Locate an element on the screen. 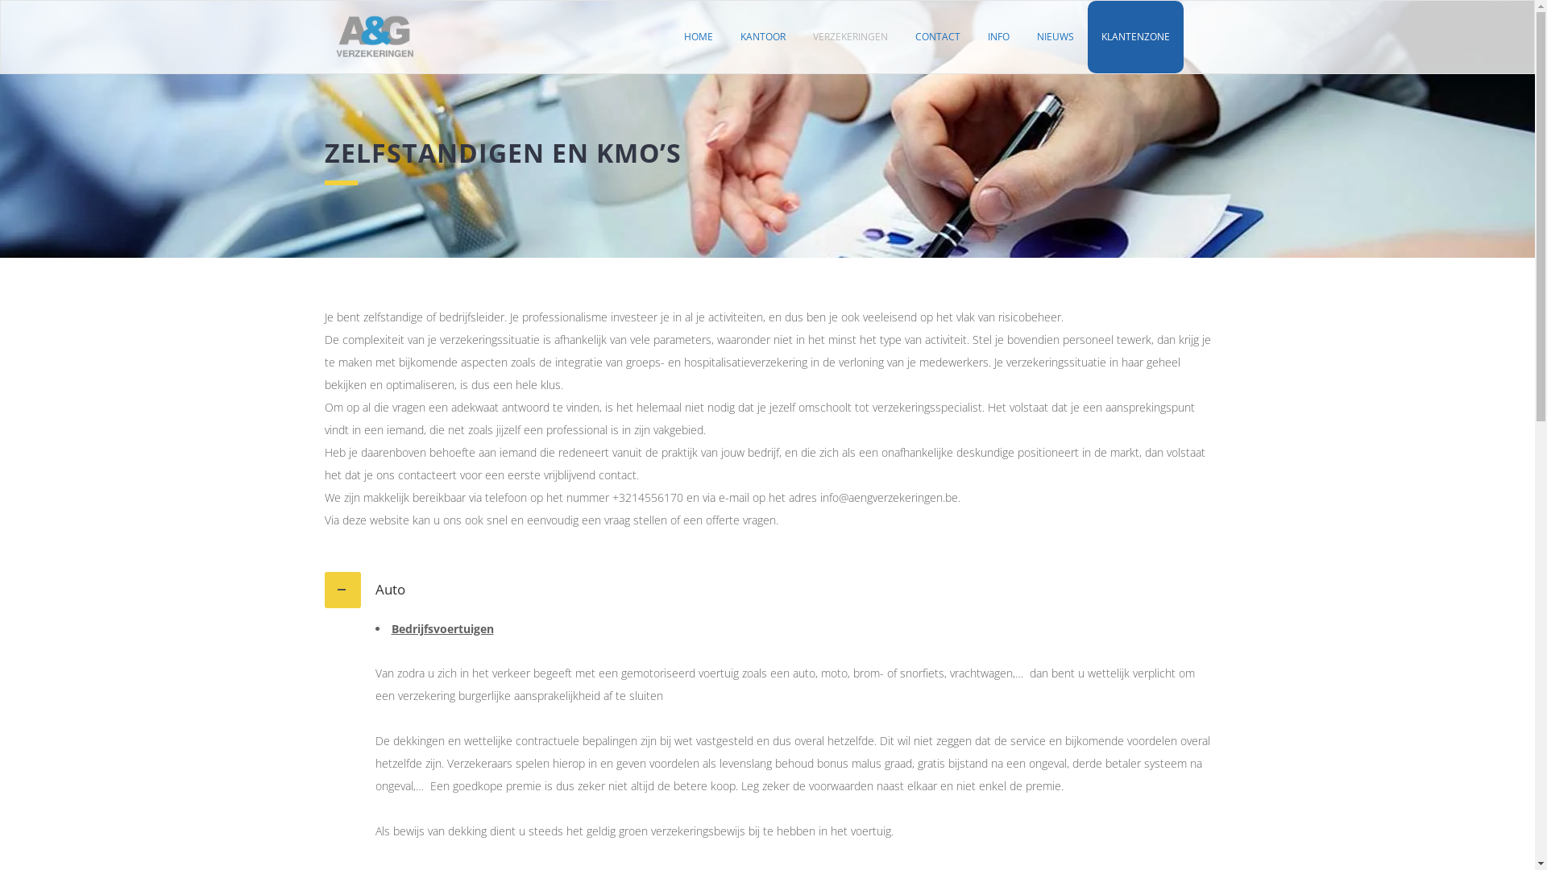  'HOME' is located at coordinates (670, 36).